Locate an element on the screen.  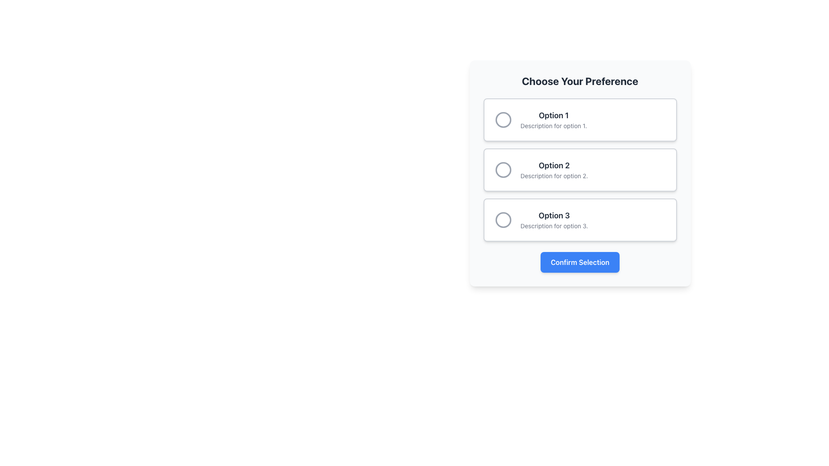
the text block titled 'Option 2', which includes a bold title and a description, positioned in the center of the vertically stacked group of three options is located at coordinates (554, 170).